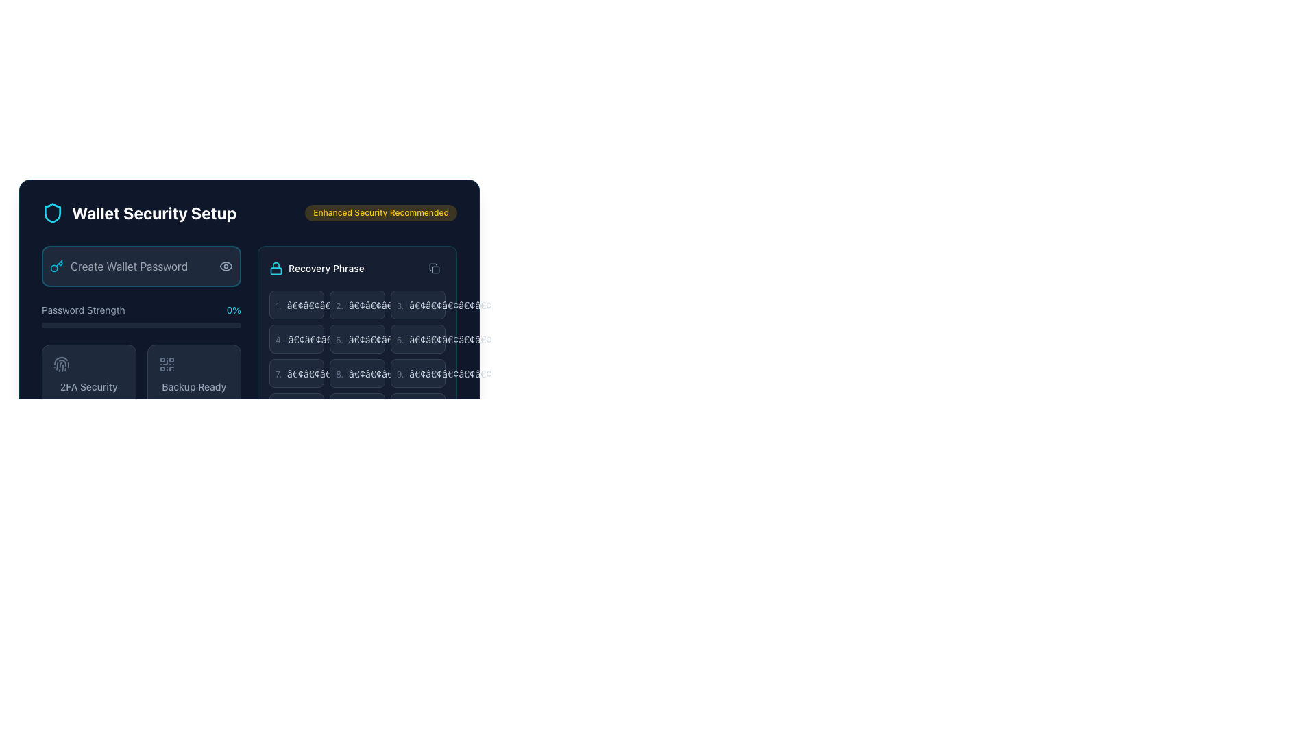  What do you see at coordinates (61, 364) in the screenshot?
I see `the fingerprint icon located within the '2FA Security' card in the 'Wallet Security Setup' section` at bounding box center [61, 364].